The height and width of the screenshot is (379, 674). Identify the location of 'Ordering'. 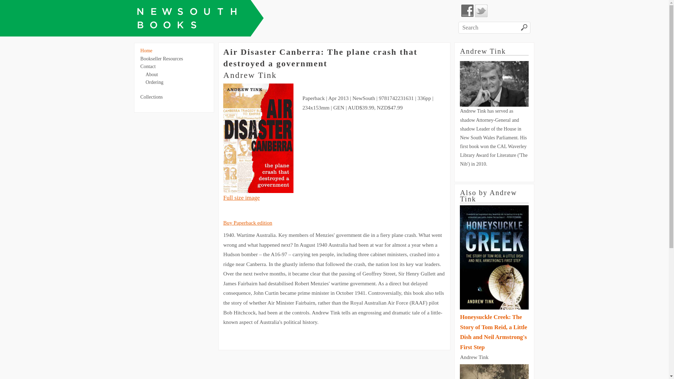
(145, 82).